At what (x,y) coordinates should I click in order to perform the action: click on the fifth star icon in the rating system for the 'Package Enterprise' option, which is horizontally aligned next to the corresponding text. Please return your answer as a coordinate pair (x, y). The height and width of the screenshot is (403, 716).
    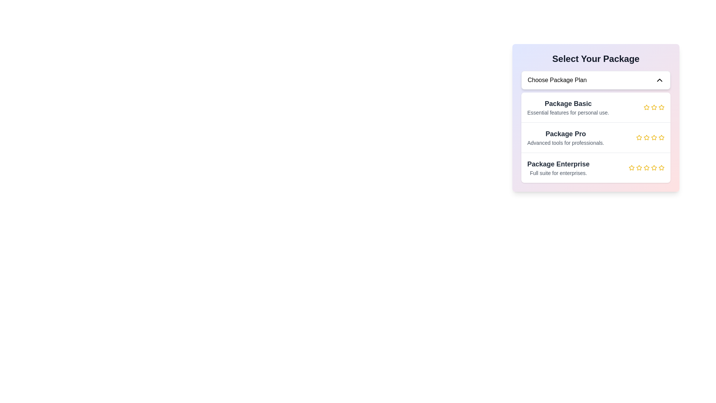
    Looking at the image, I should click on (662, 168).